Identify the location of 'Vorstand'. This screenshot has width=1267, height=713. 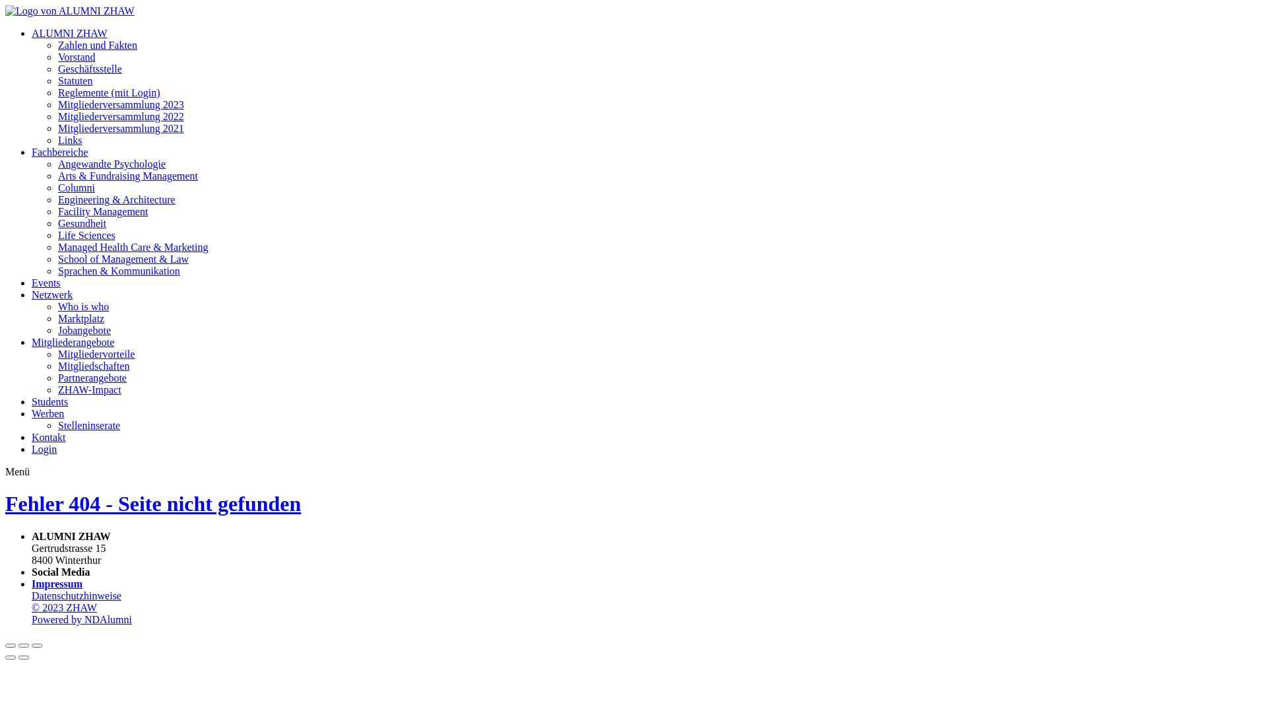
(76, 56).